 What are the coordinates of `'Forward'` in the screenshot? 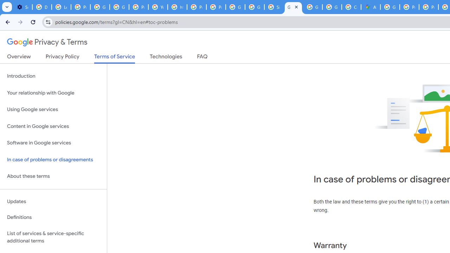 It's located at (20, 21).